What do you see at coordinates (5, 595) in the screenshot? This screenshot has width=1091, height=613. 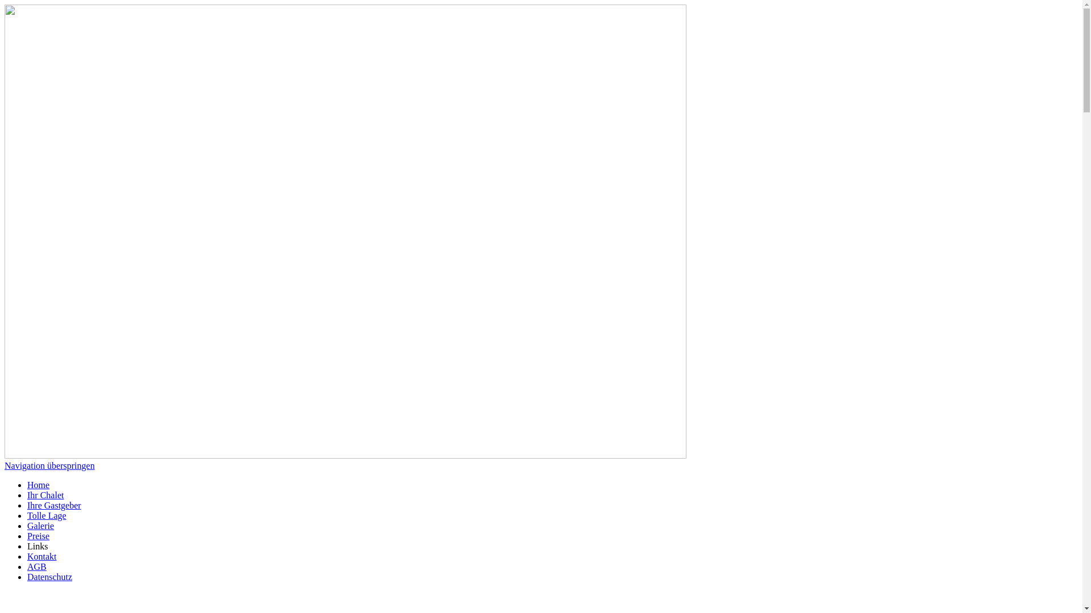 I see `' '` at bounding box center [5, 595].